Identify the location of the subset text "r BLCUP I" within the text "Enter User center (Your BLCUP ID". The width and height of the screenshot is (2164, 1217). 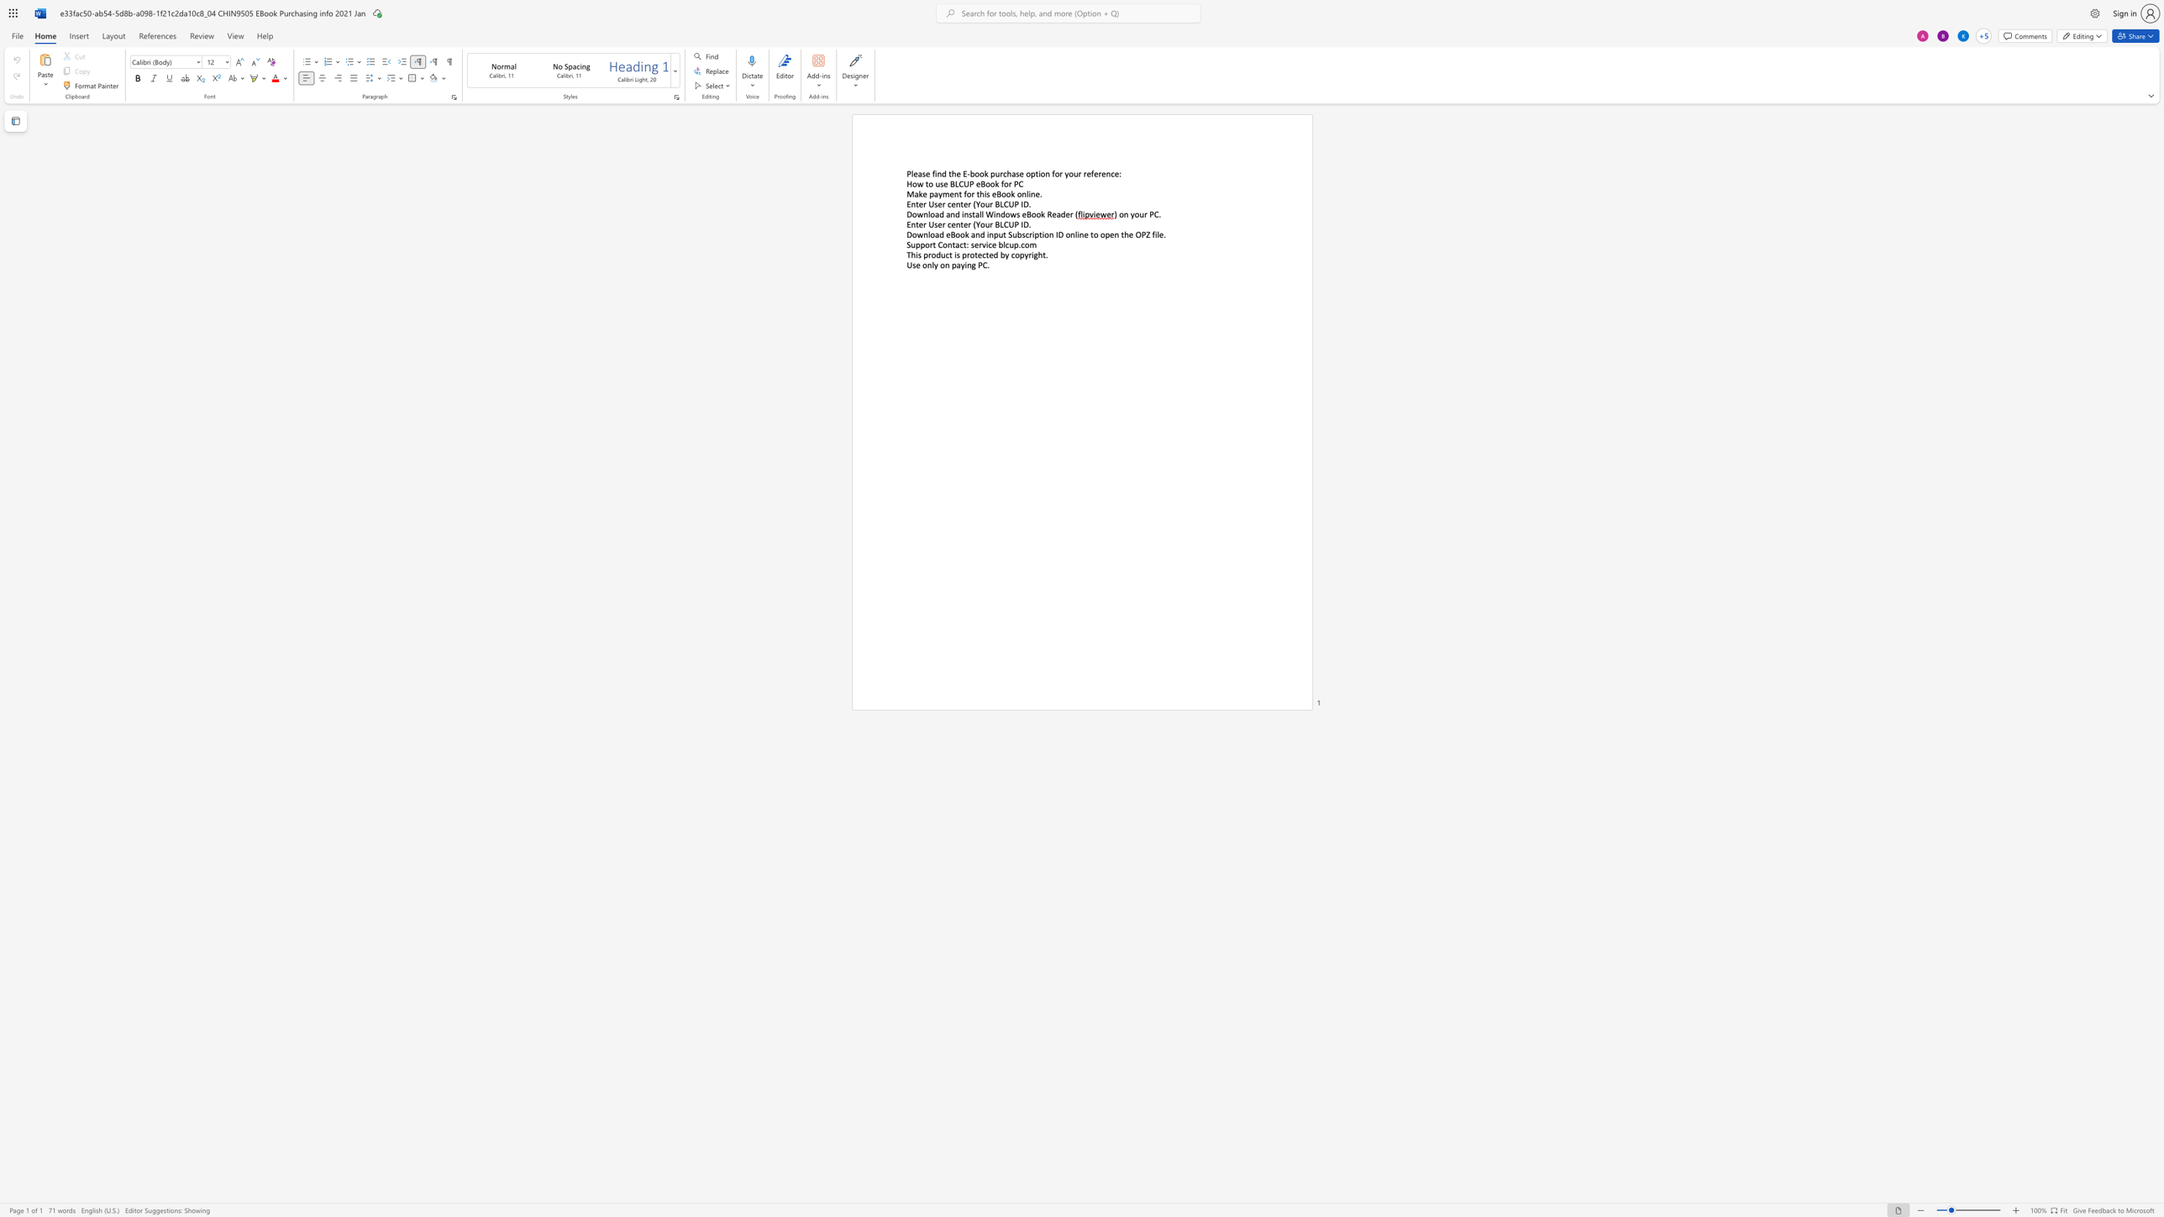
(989, 203).